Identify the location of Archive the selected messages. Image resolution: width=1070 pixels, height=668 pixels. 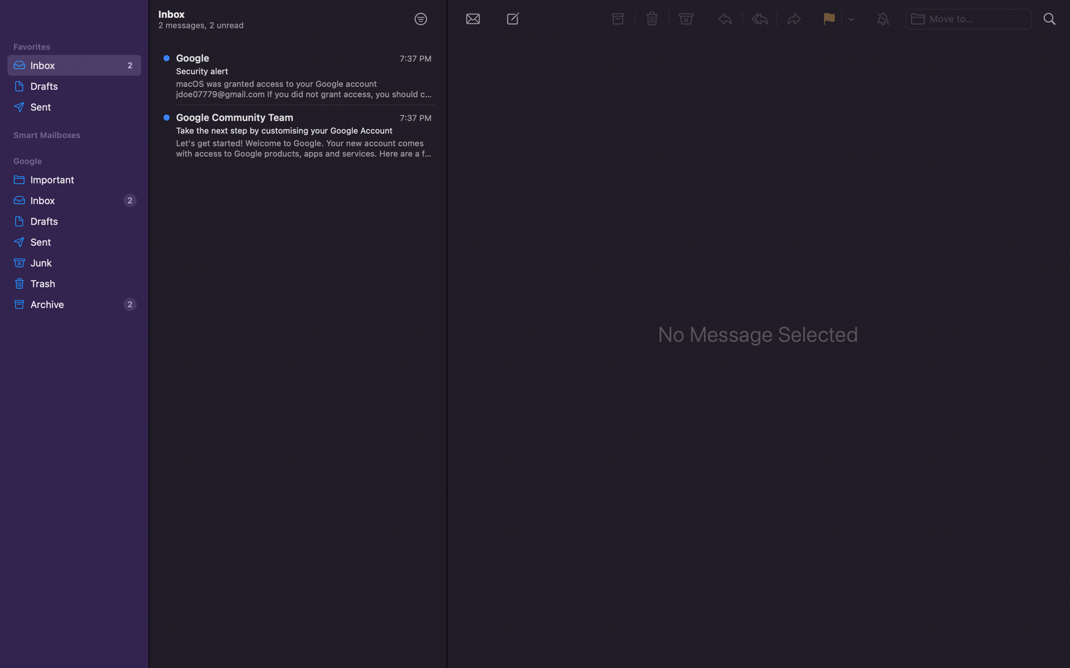
(618, 19).